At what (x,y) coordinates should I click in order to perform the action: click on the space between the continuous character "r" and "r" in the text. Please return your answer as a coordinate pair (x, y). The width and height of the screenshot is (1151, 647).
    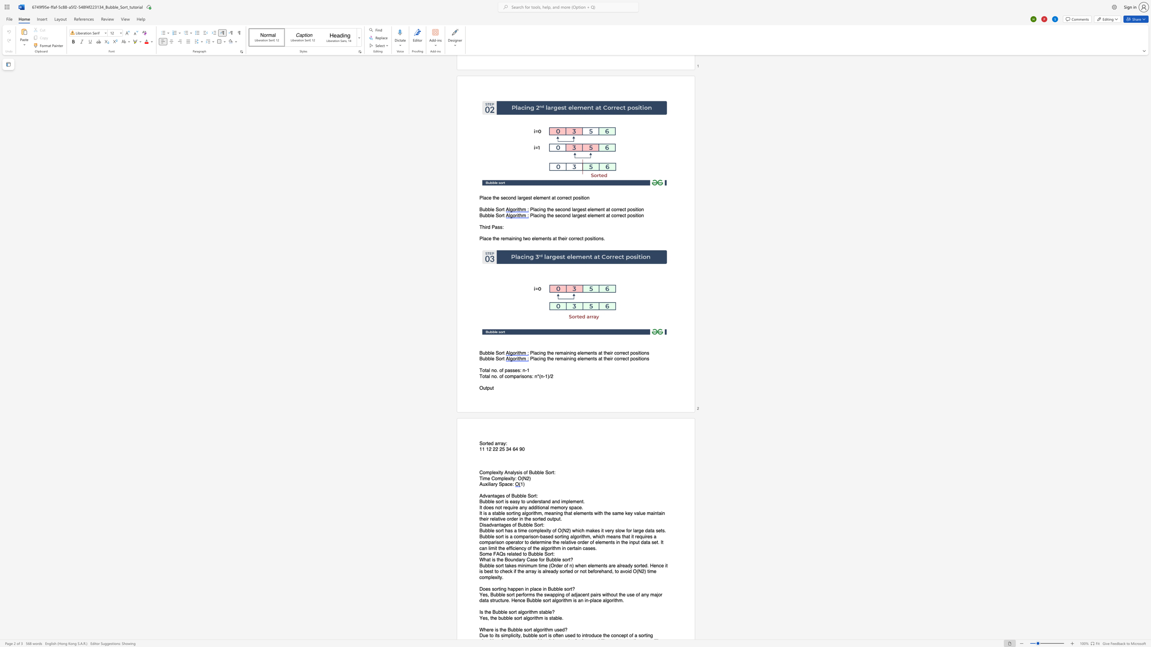
    Looking at the image, I should click on (499, 443).